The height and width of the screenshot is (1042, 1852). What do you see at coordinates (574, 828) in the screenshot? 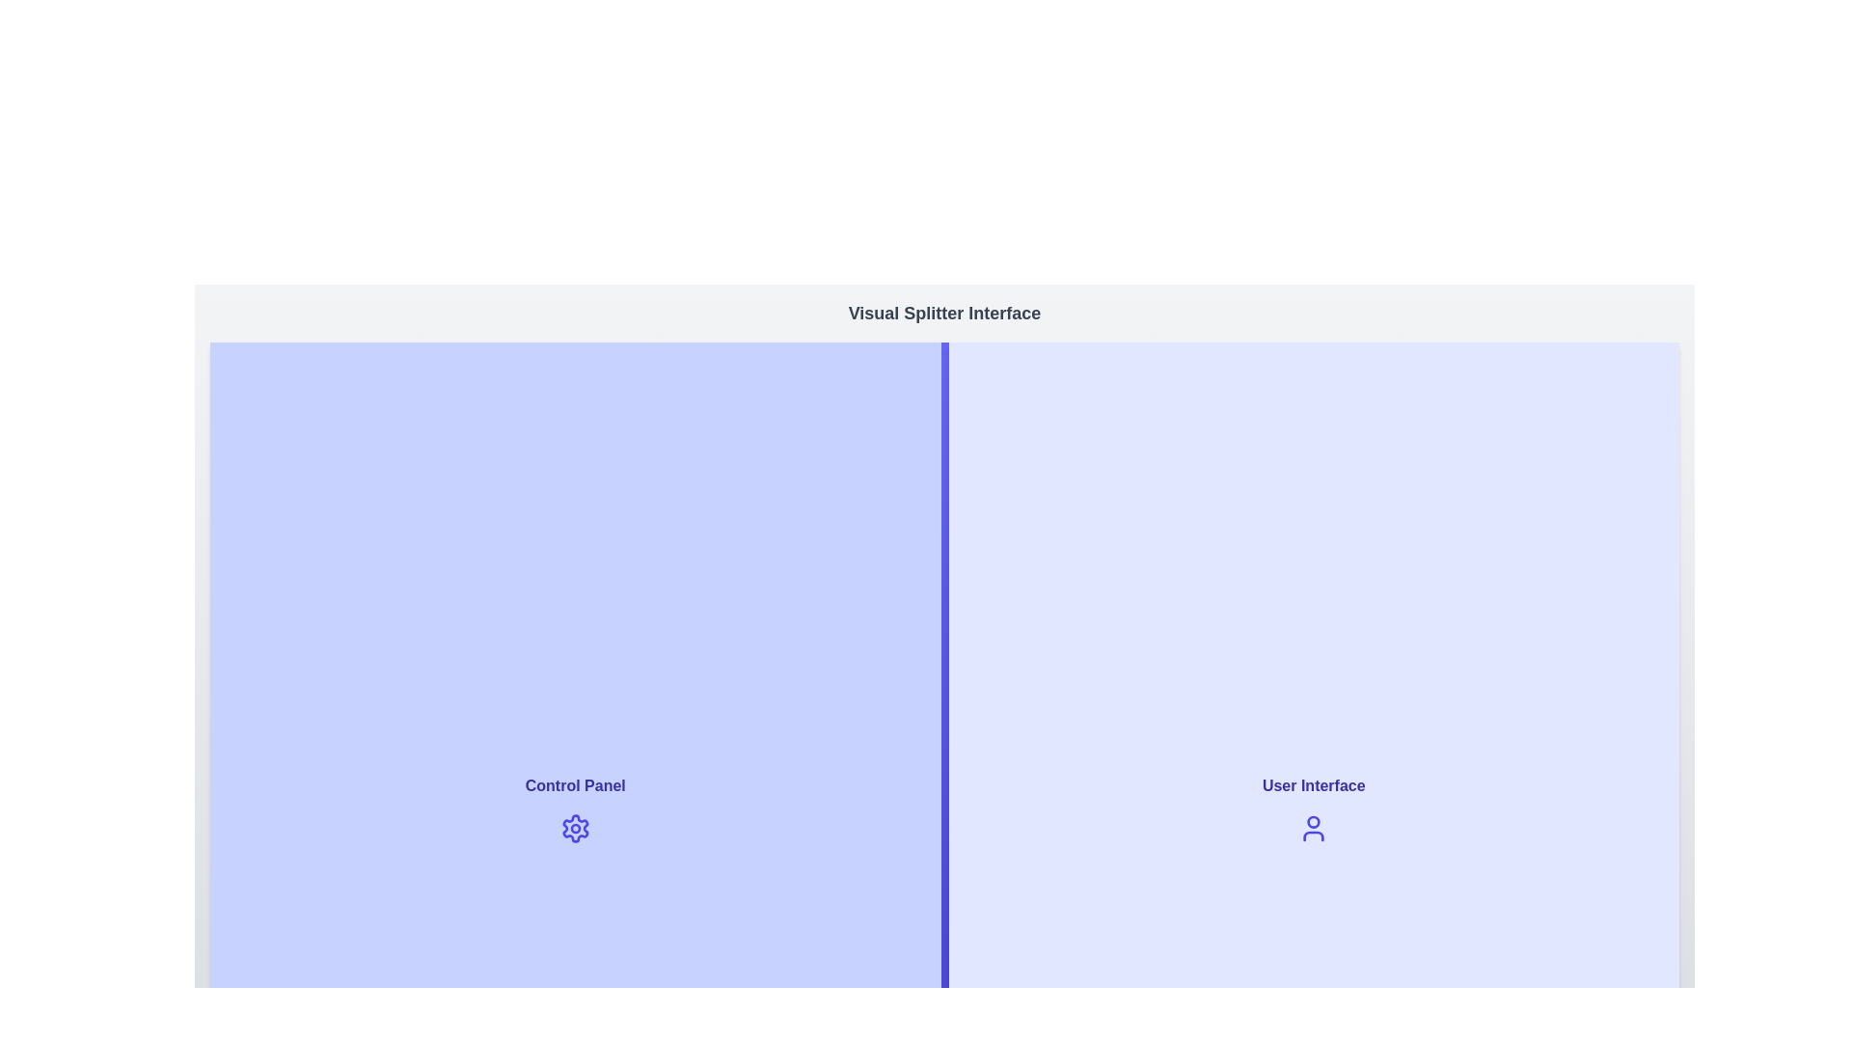
I see `the settings icon located centrally below the 'Control Panel' text in the Control Panel section` at bounding box center [574, 828].